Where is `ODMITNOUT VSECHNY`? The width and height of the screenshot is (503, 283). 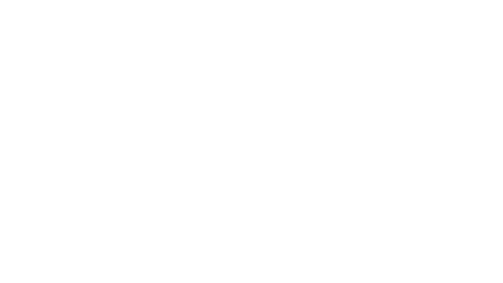
ODMITNOUT VSECHNY is located at coordinates (183, 272).